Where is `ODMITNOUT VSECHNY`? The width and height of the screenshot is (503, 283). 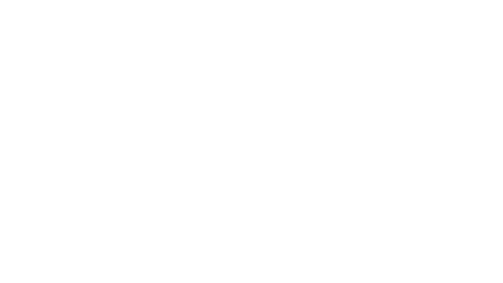
ODMITNOUT VSECHNY is located at coordinates (183, 272).